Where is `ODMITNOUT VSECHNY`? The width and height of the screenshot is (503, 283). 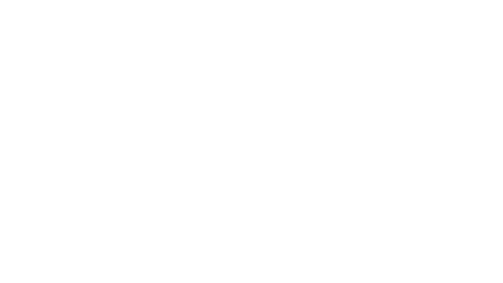
ODMITNOUT VSECHNY is located at coordinates (183, 272).